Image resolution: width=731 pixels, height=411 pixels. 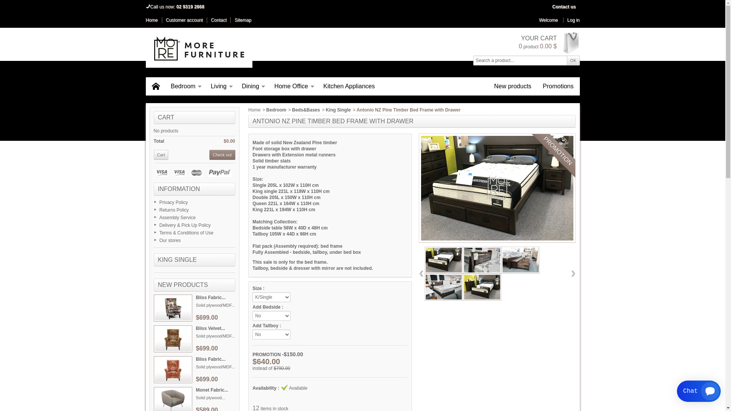 I want to click on 'Assembly Service', so click(x=177, y=217).